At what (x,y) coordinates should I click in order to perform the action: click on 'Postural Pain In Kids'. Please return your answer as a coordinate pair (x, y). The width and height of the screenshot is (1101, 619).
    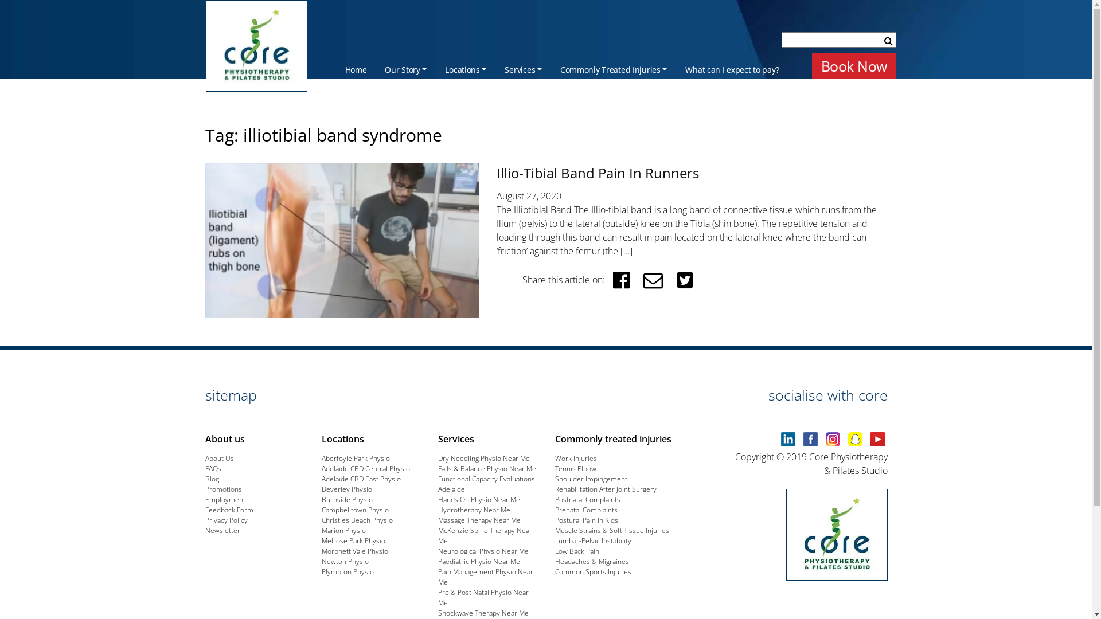
    Looking at the image, I should click on (586, 520).